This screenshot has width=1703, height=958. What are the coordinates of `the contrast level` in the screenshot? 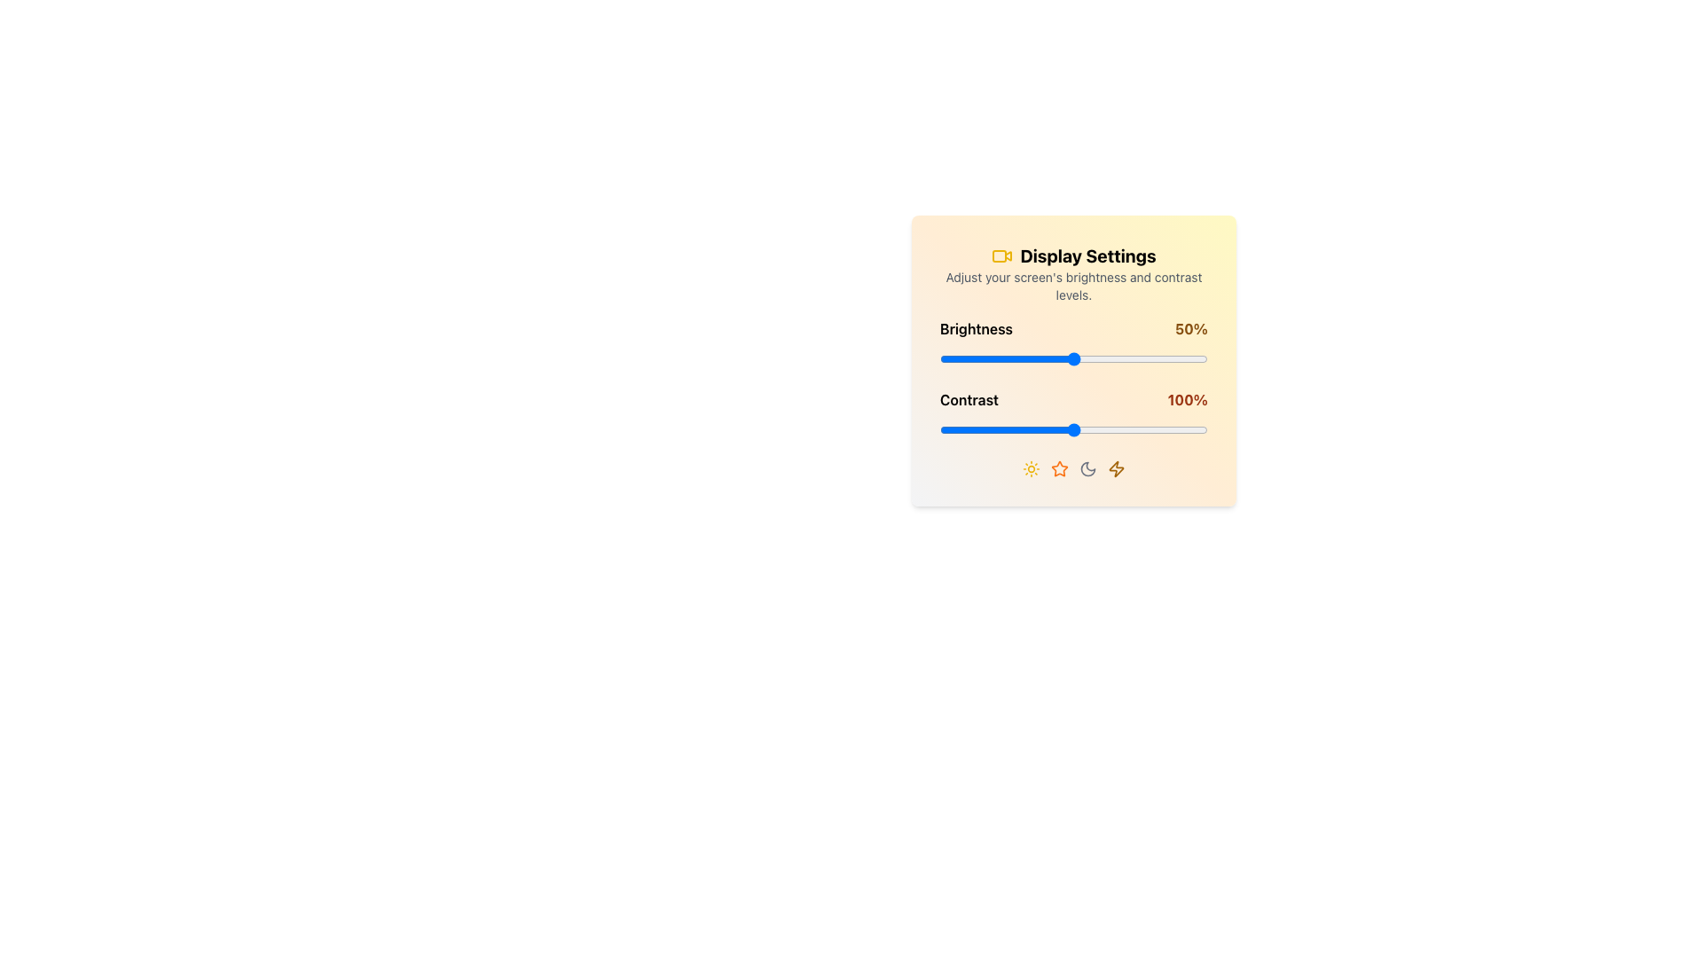 It's located at (948, 430).